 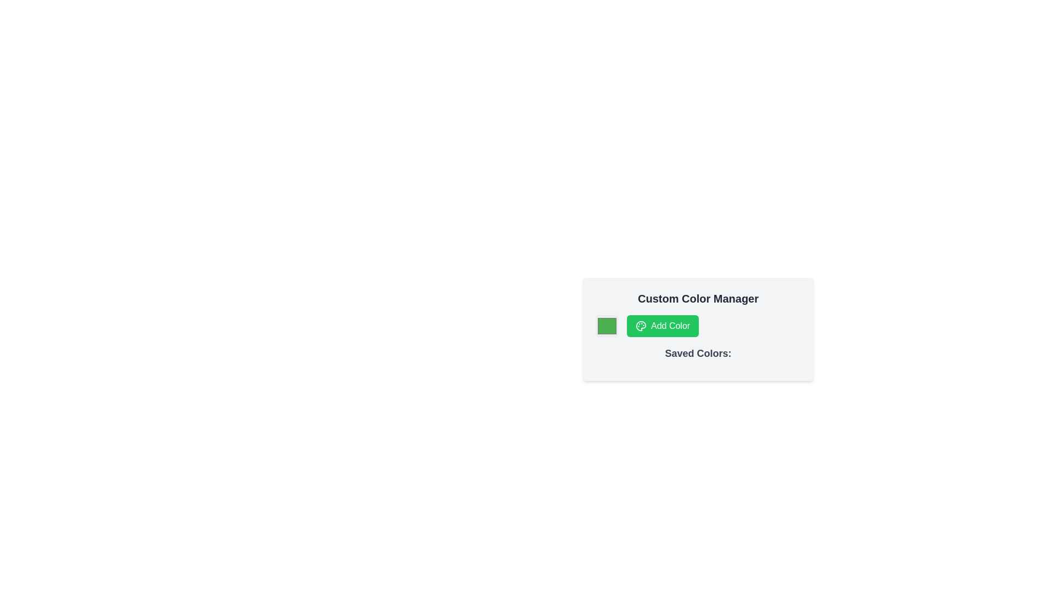 What do you see at coordinates (662, 325) in the screenshot?
I see `the 'Add Color' button with a green background and white text` at bounding box center [662, 325].